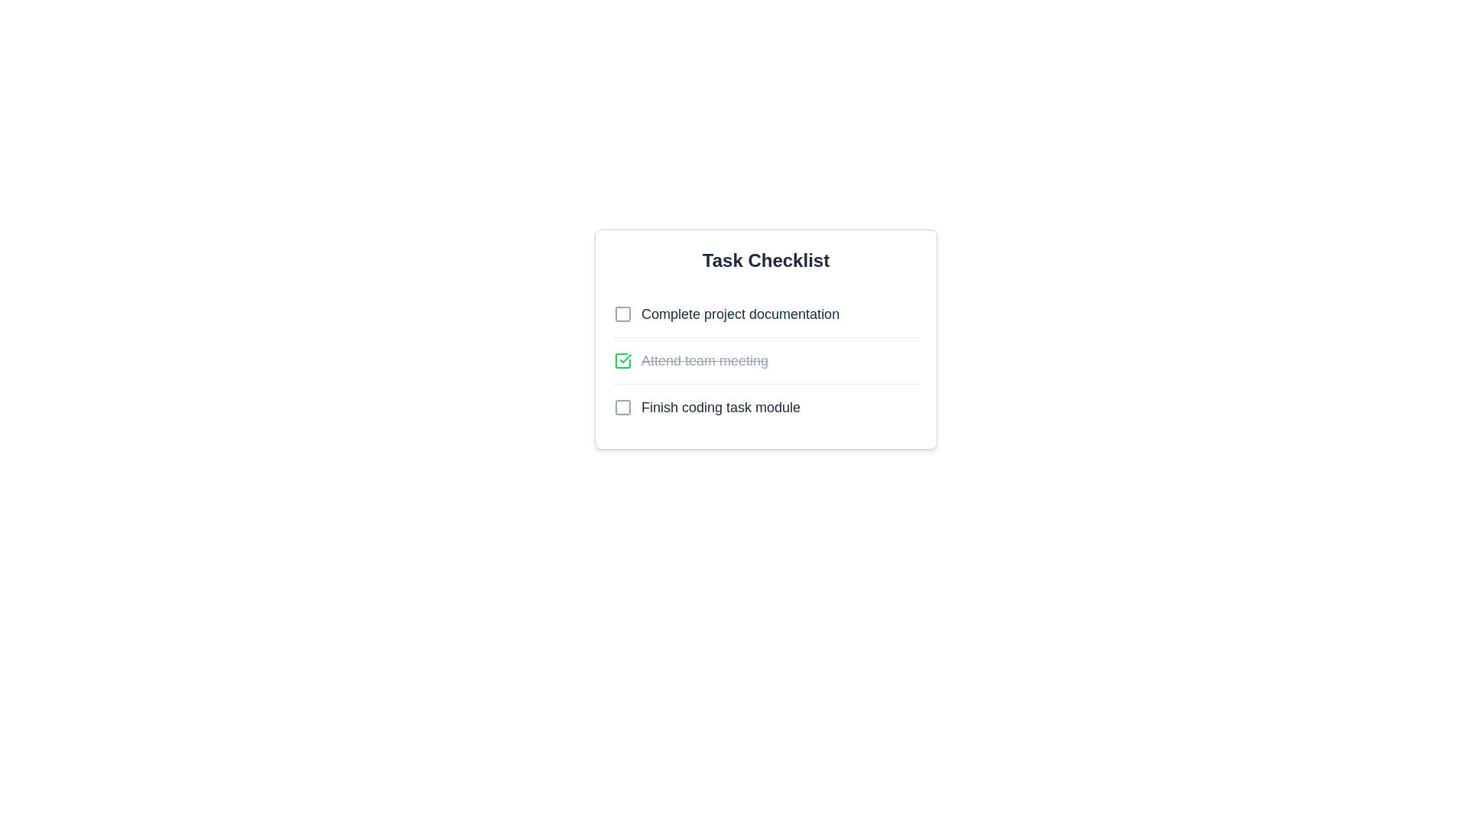 This screenshot has height=826, width=1468. Describe the element at coordinates (720, 406) in the screenshot. I see `the text label reading 'Finish coding task module' which is styled in a medium-large dark gray font and is the third item in a vertical checklist of tasks` at that location.